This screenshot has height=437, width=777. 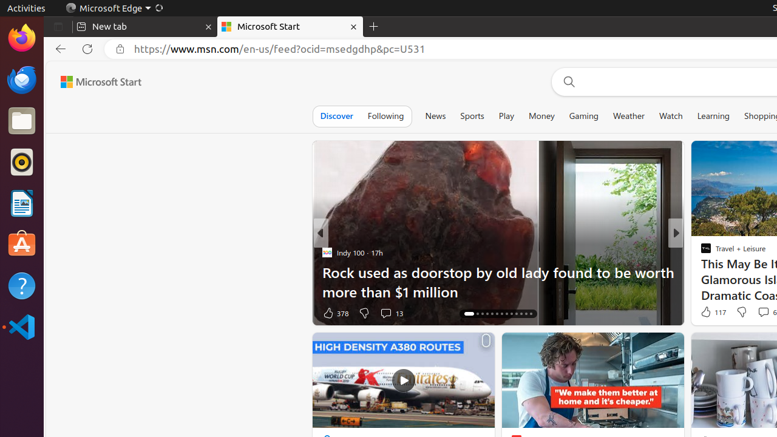 What do you see at coordinates (709, 312) in the screenshot?
I see `'137 Like'` at bounding box center [709, 312].